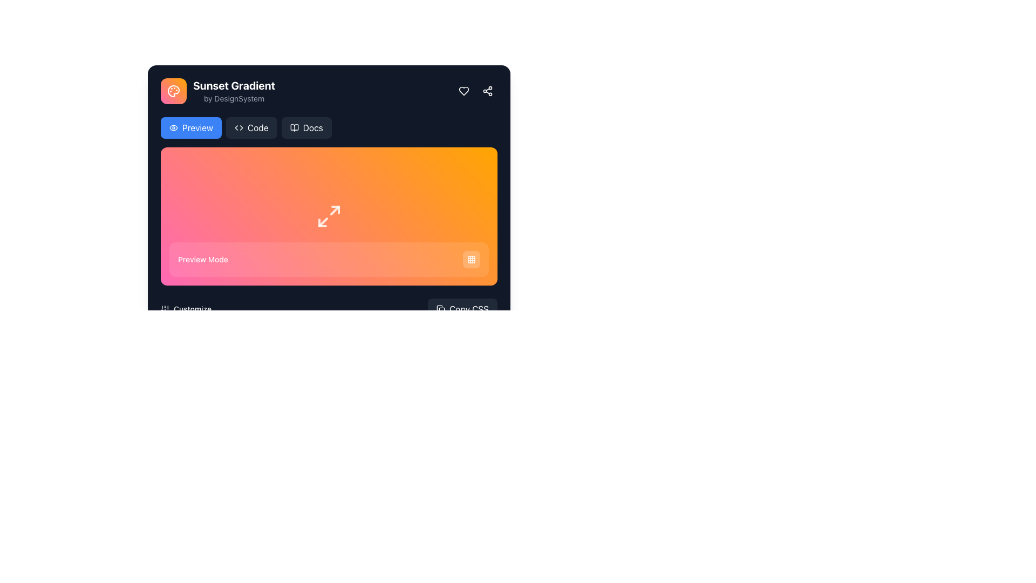 The image size is (1036, 583). Describe the element at coordinates (471, 260) in the screenshot. I see `the interactive button containing the 3x3 grid pattern icon in the top-right section` at that location.